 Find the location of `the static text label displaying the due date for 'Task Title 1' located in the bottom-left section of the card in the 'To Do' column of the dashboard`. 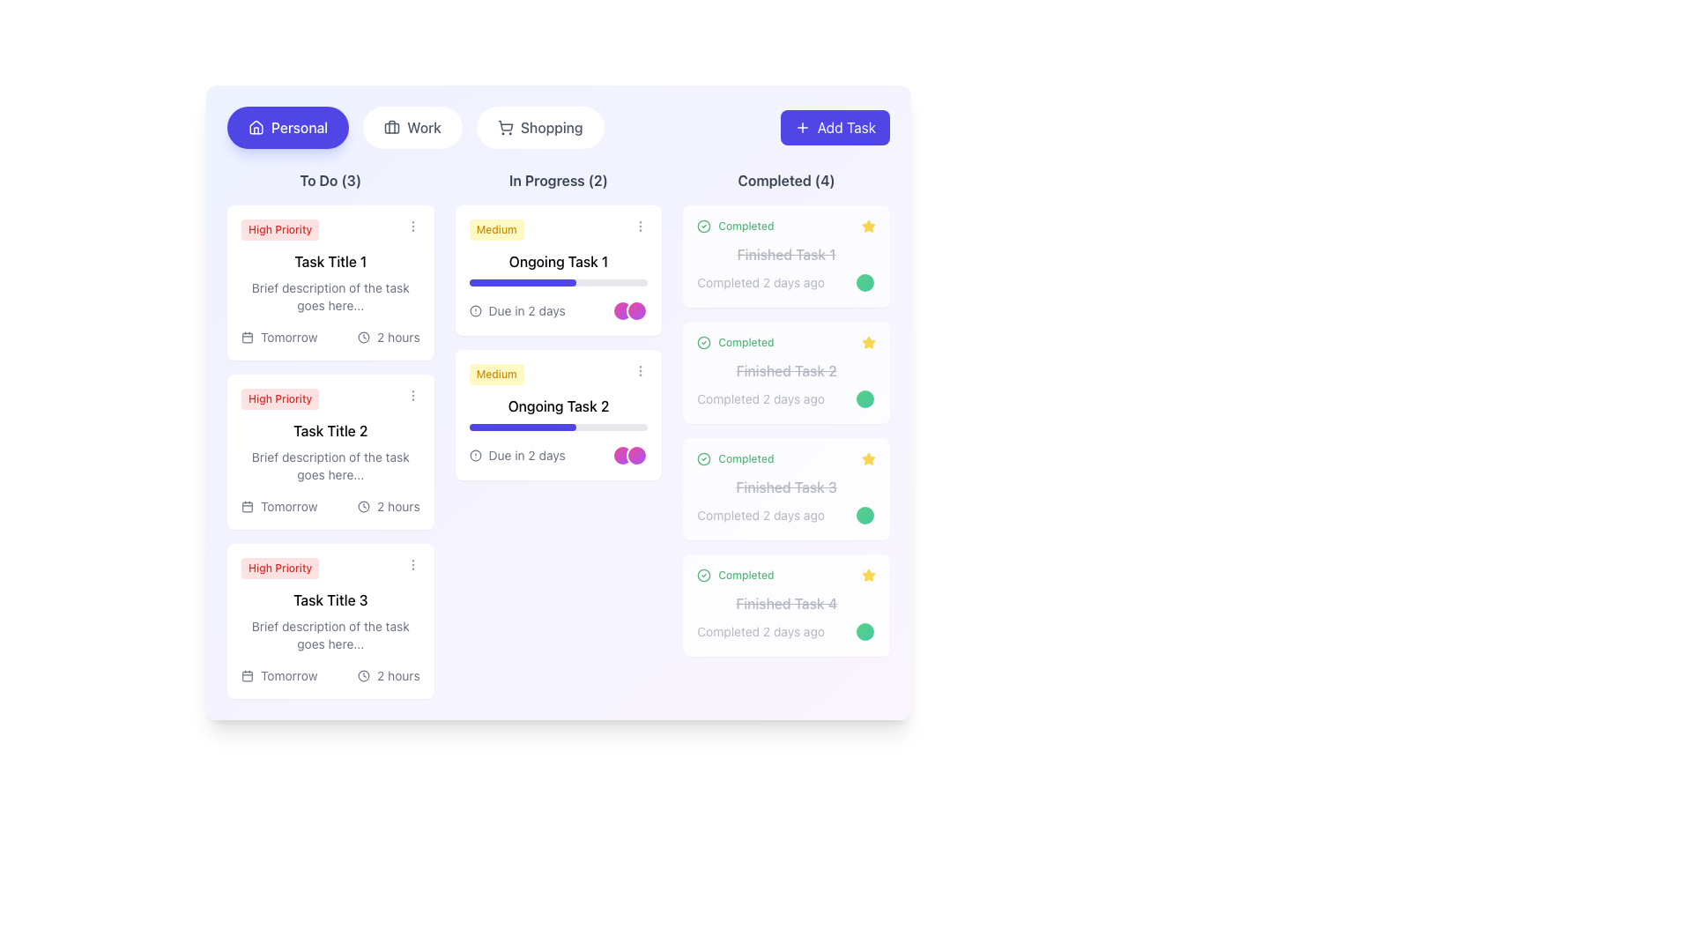

the static text label displaying the due date for 'Task Title 1' located in the bottom-left section of the card in the 'To Do' column of the dashboard is located at coordinates (289, 337).